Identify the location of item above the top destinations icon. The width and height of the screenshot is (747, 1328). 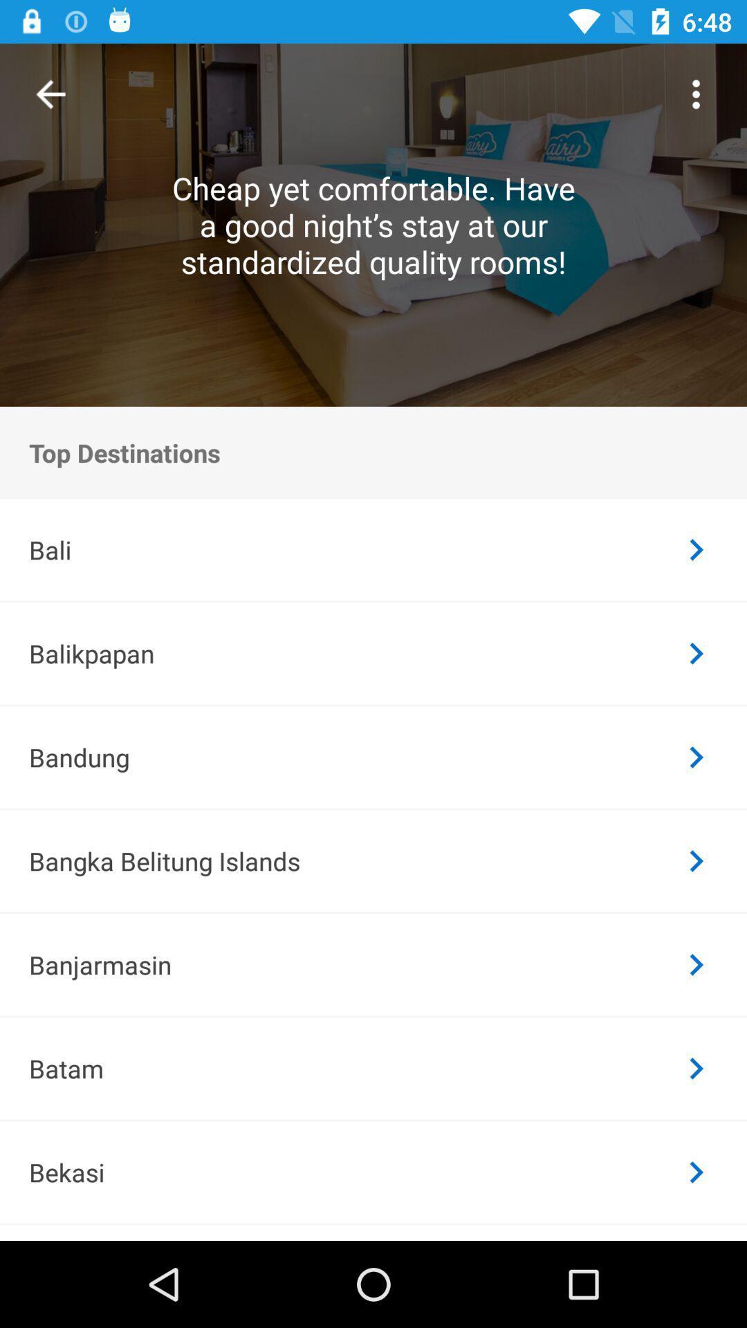
(696, 93).